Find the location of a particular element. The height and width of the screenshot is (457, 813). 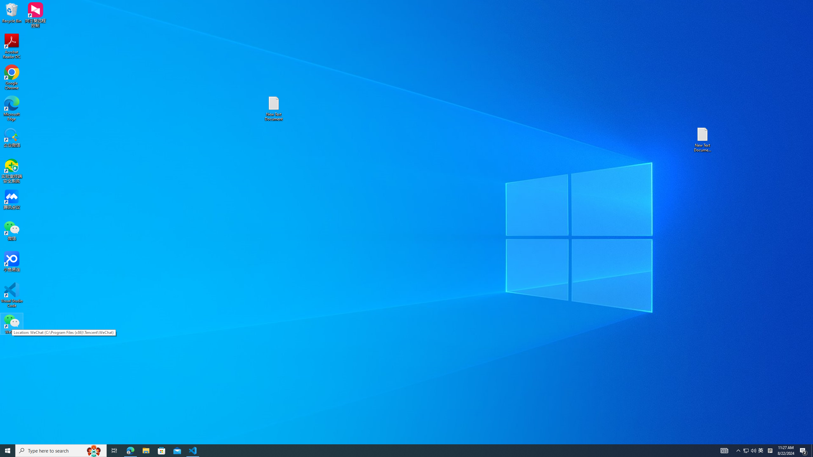

'Tray Input Indicator - Chinese (Simplified, China)' is located at coordinates (770, 450).